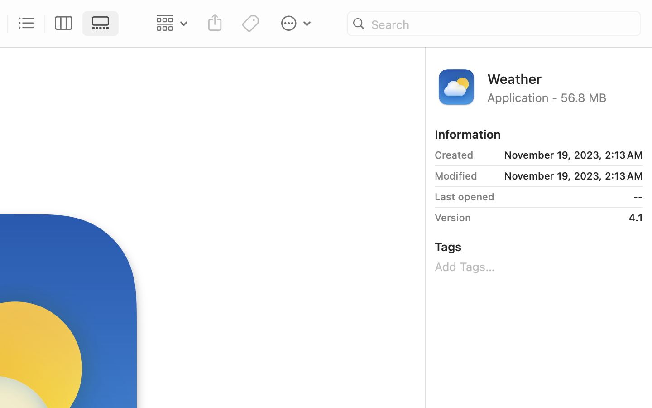 Image resolution: width=652 pixels, height=408 pixels. What do you see at coordinates (455, 175) in the screenshot?
I see `'Modified'` at bounding box center [455, 175].